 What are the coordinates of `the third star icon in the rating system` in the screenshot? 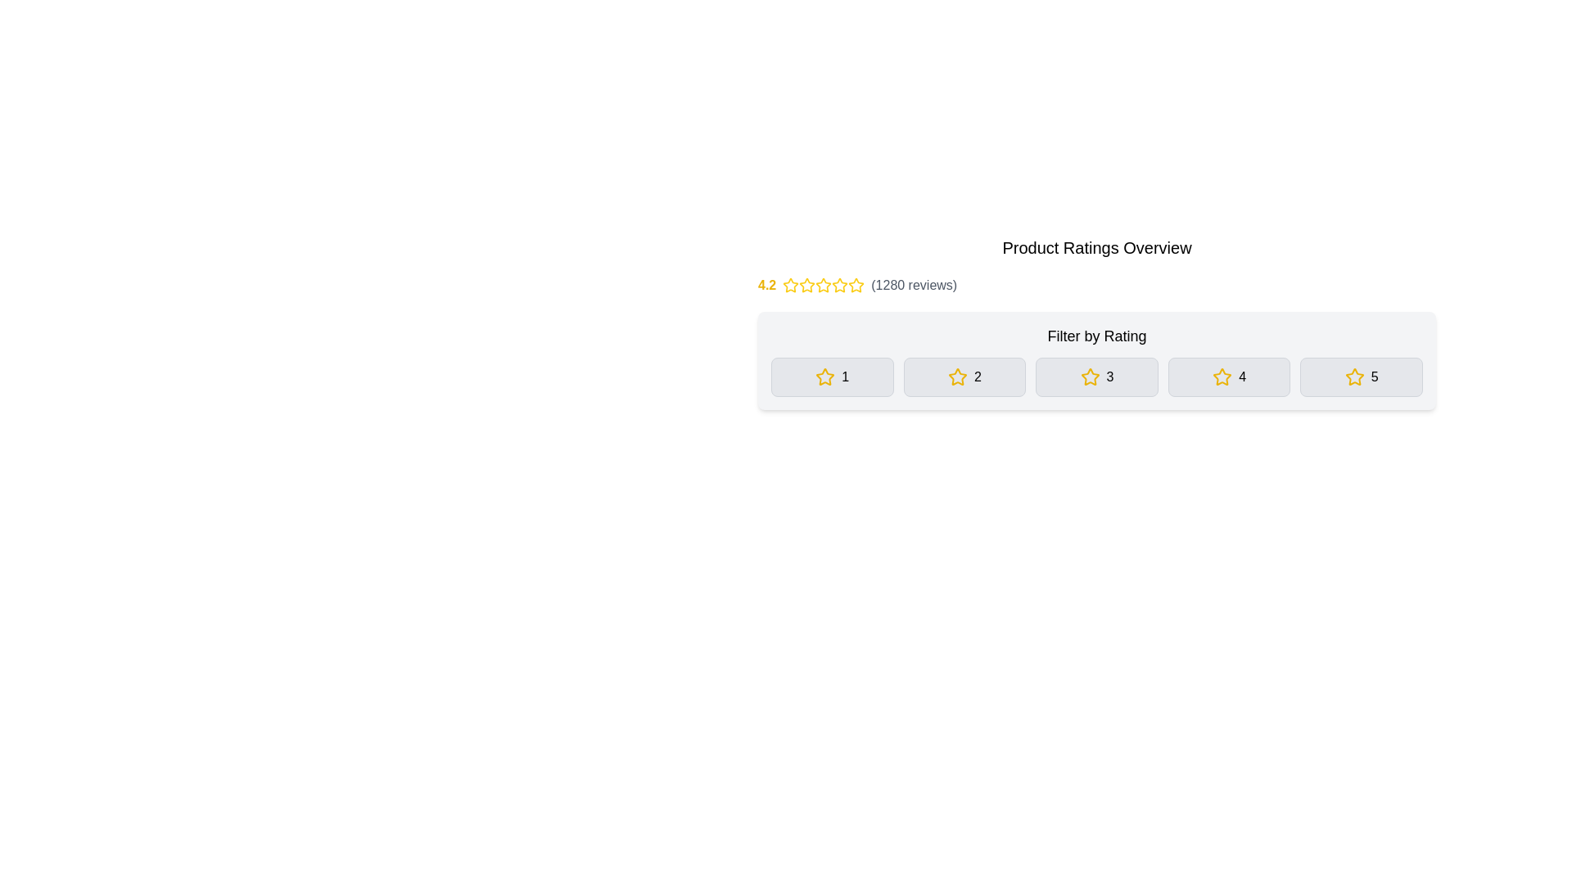 It's located at (807, 284).